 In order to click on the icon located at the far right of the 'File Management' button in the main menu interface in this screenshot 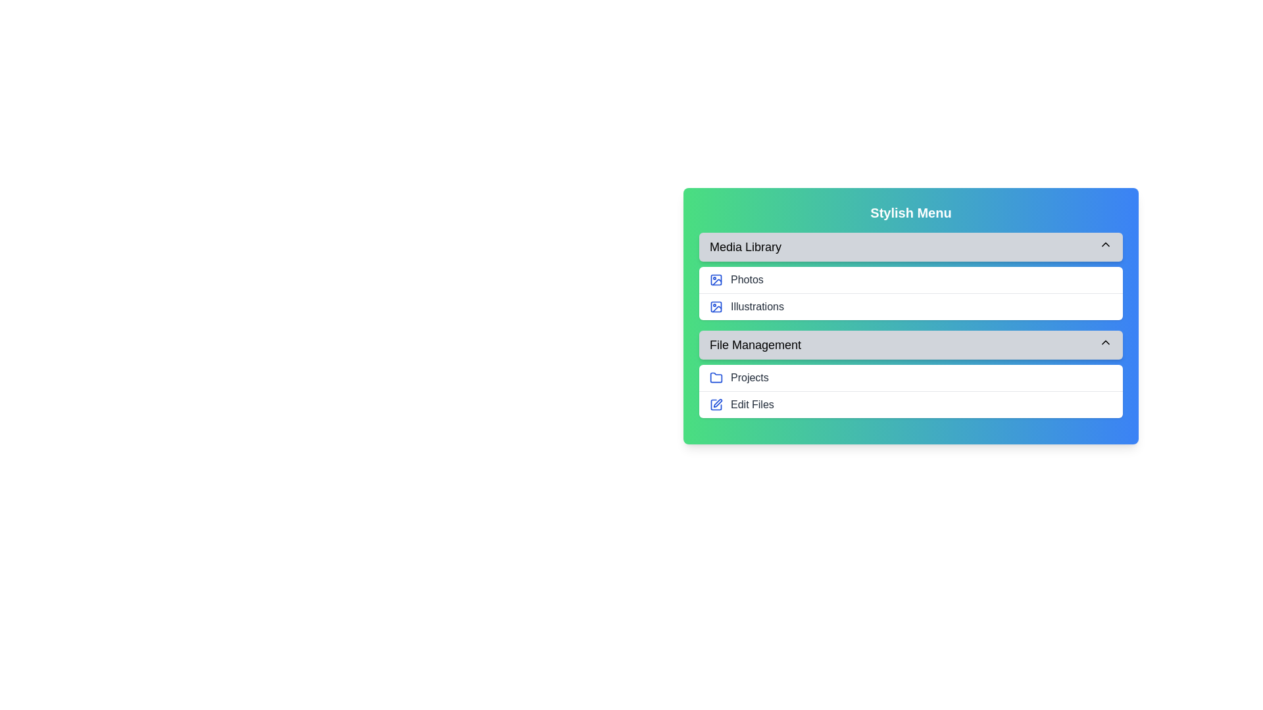, I will do `click(1105, 341)`.